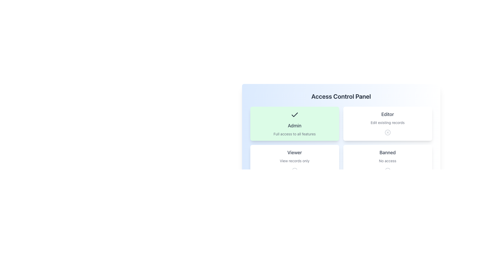 This screenshot has width=496, height=279. What do you see at coordinates (388, 114) in the screenshot?
I see `the descriptive text label for the 'Editor' card located in the top-right quadrant of the interface under 'Access Control Panel'` at bounding box center [388, 114].